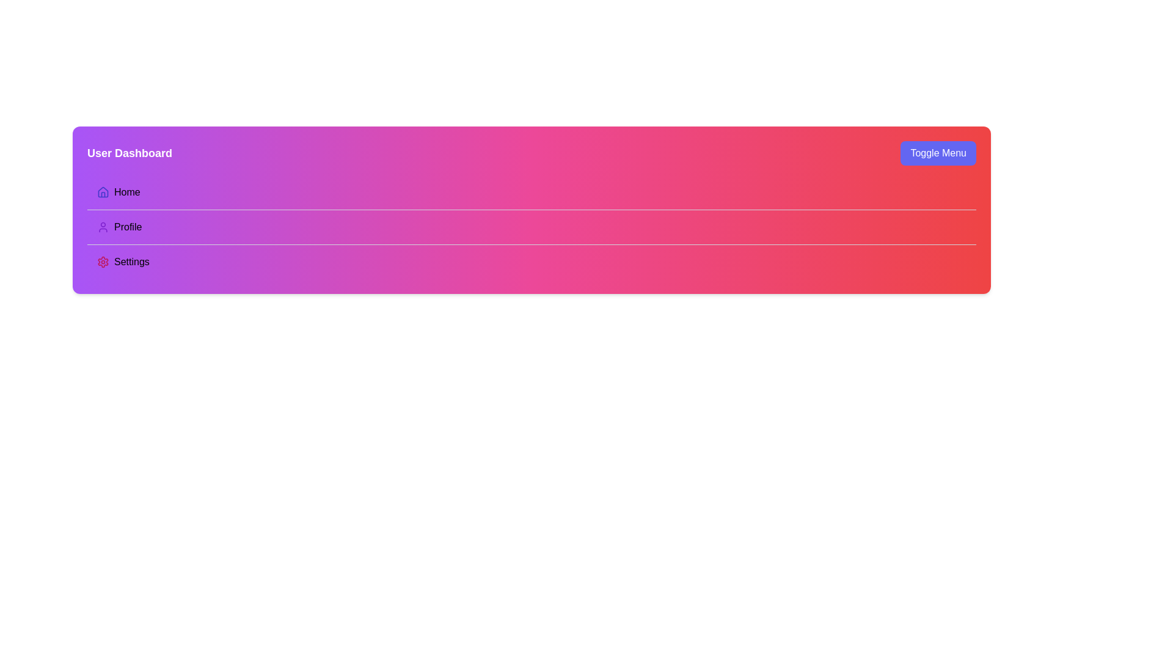  Describe the element at coordinates (938, 152) in the screenshot. I see `the toggle button located in the top-right corner of the header section` at that location.